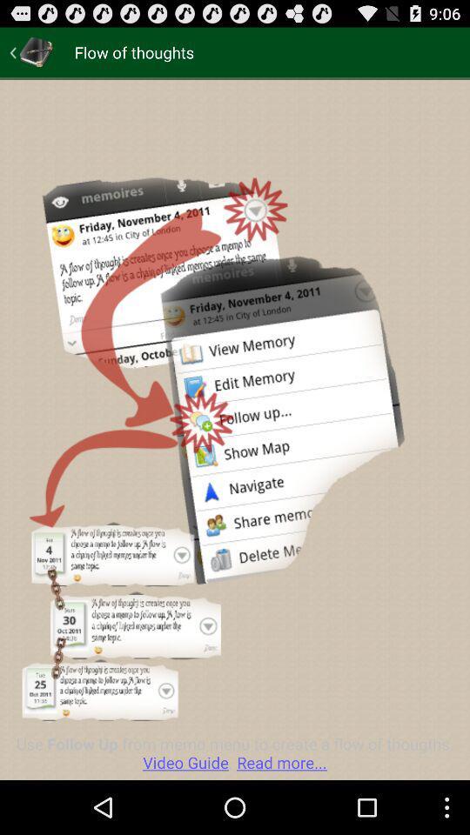 The width and height of the screenshot is (470, 835). Describe the element at coordinates (31, 56) in the screenshot. I see `the arrow_backward icon` at that location.